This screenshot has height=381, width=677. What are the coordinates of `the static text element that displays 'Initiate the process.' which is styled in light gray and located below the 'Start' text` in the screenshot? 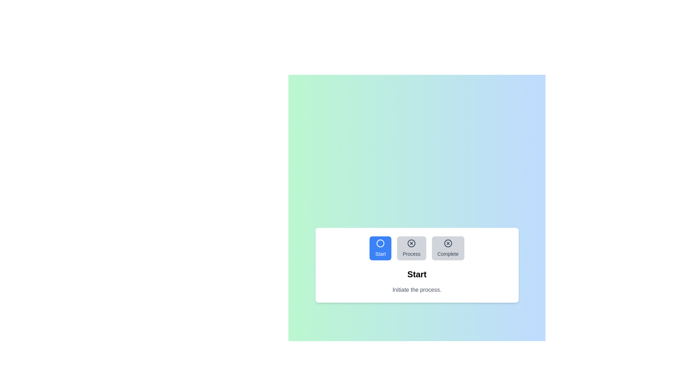 It's located at (417, 290).